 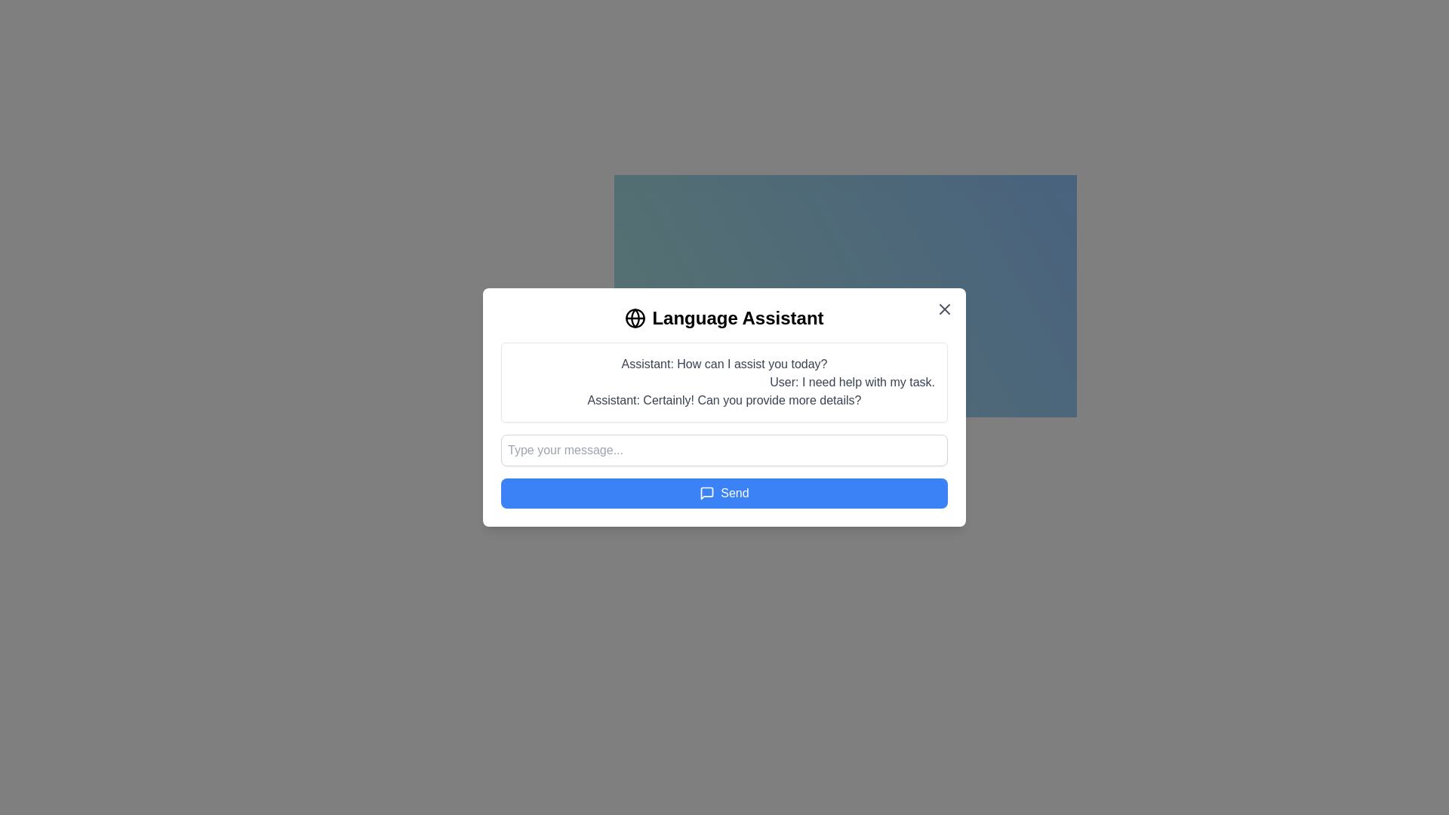 I want to click on the submission button located at the bottom of the input interface to send the message that has been typed in the text area above, so click(x=724, y=494).